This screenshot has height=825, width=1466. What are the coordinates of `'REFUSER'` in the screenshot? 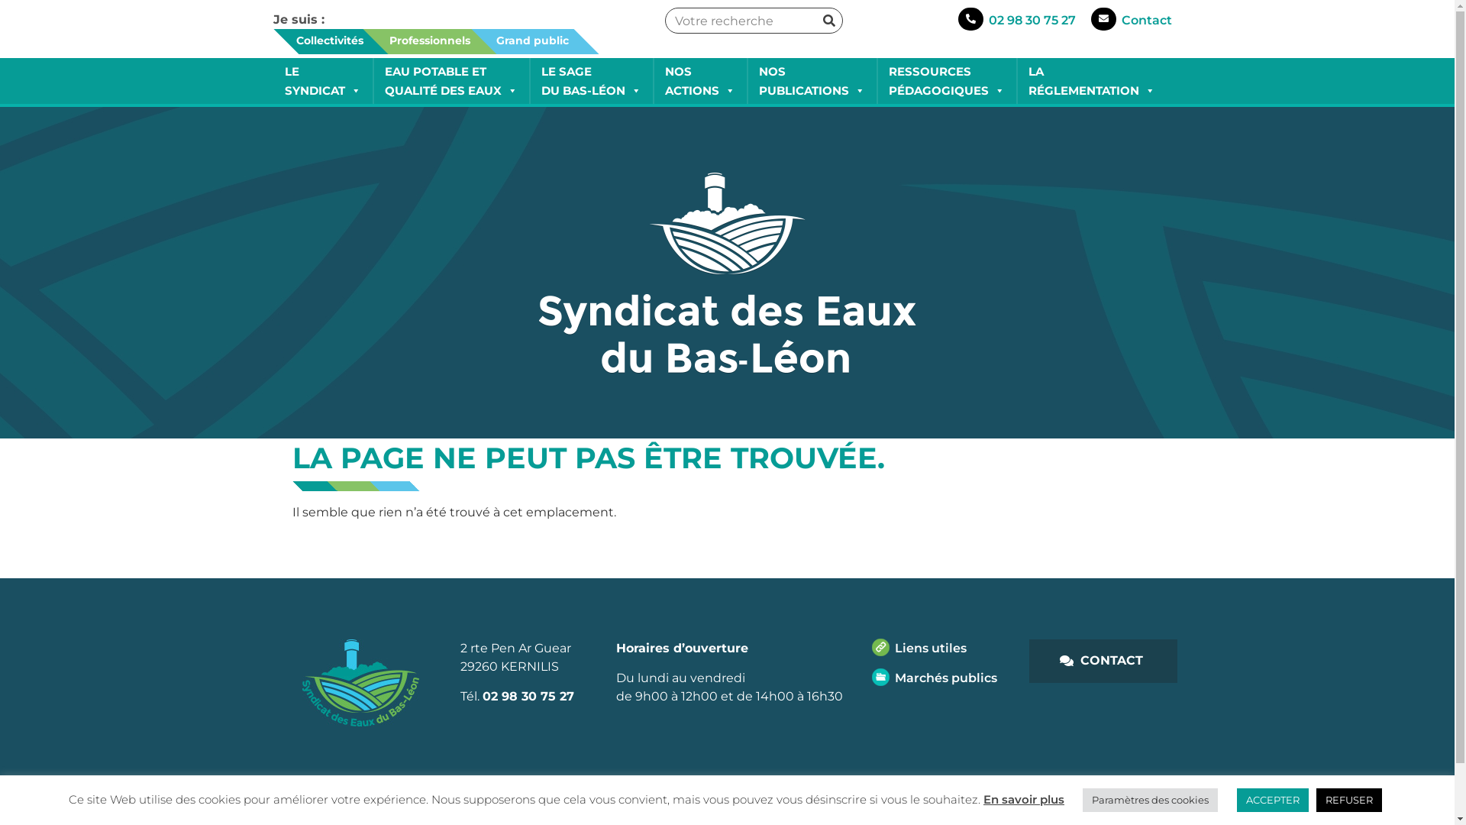 It's located at (1348, 799).